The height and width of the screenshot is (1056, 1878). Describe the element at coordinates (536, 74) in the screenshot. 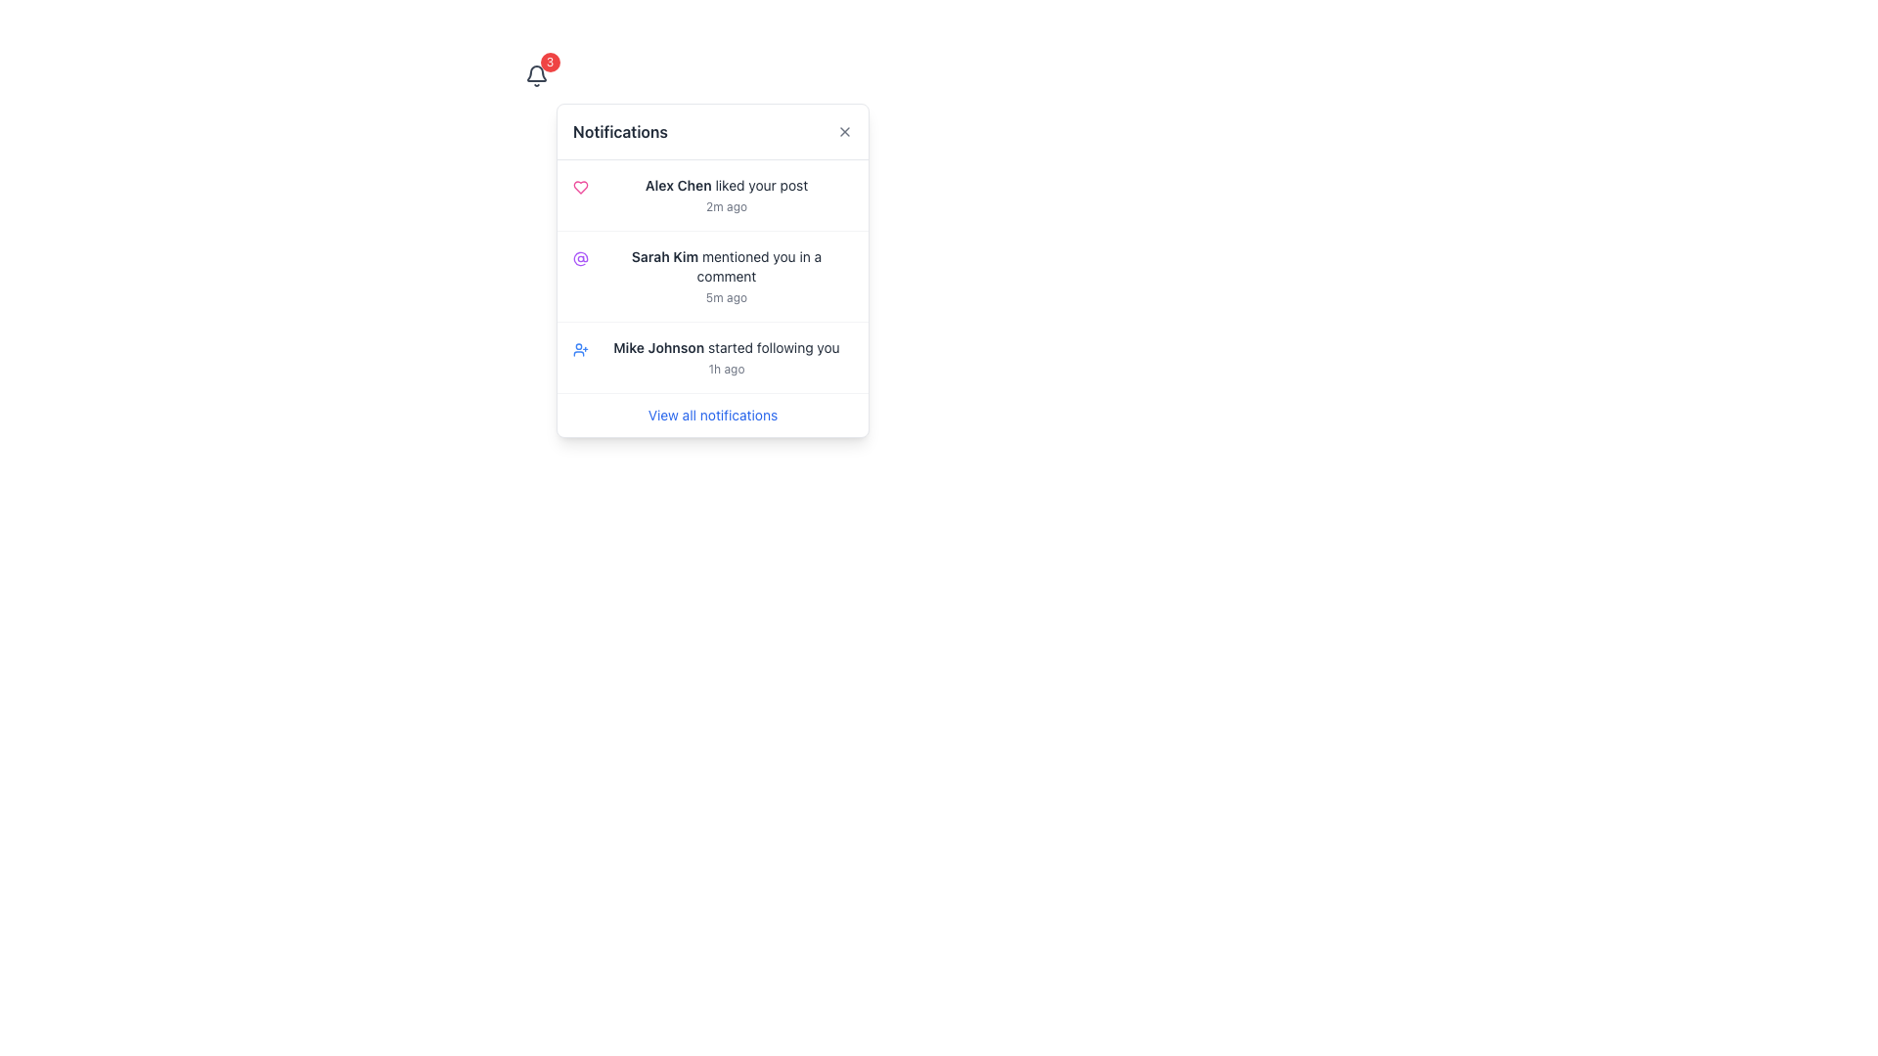

I see `the bell icon with a red badge displaying the number '3' from its current position` at that location.